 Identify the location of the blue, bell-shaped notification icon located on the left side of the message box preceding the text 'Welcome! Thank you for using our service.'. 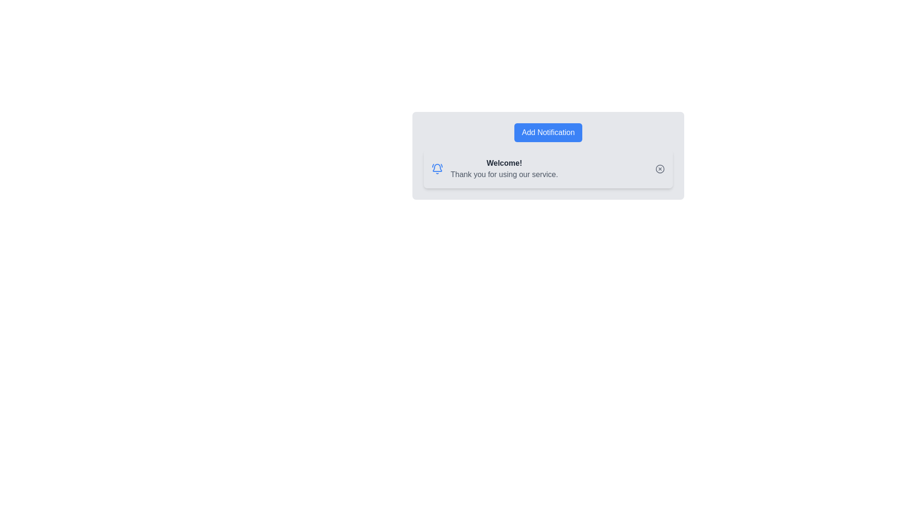
(436, 169).